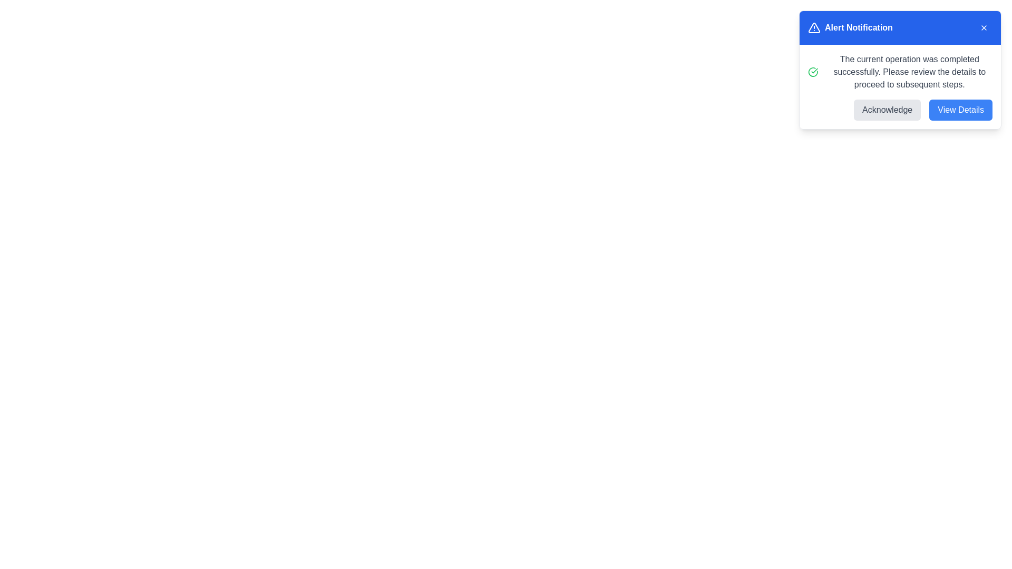 The image size is (1012, 569). What do you see at coordinates (812, 72) in the screenshot?
I see `the circular green icon with a white checkmark, indicating a success message, located next to the notification text about the completed operation` at bounding box center [812, 72].